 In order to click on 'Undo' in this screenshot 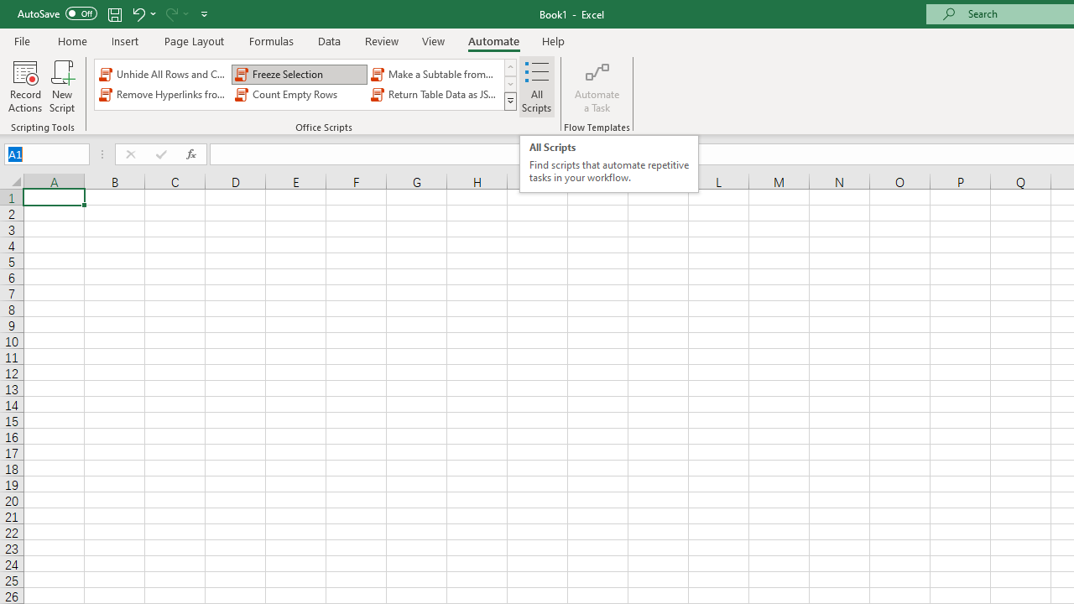, I will do `click(143, 13)`.